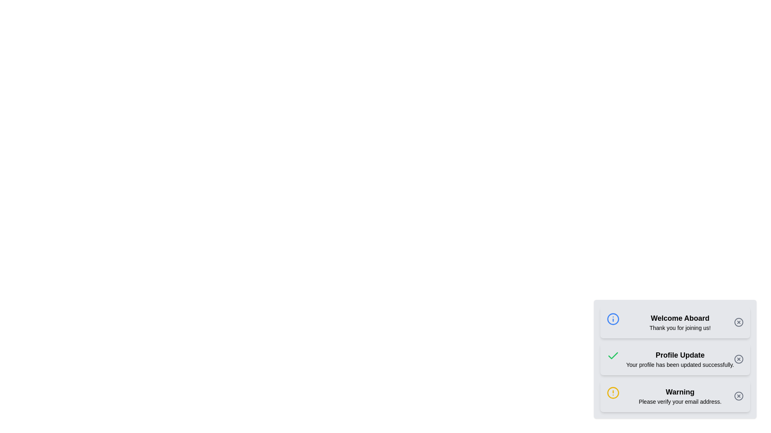 The width and height of the screenshot is (771, 433). What do you see at coordinates (613, 392) in the screenshot?
I see `the yellow circular icon with a centered exclamation mark located at the leftmost part of the lower warning message in the notification panel, preceding the text 'Please verify your email address.'` at bounding box center [613, 392].